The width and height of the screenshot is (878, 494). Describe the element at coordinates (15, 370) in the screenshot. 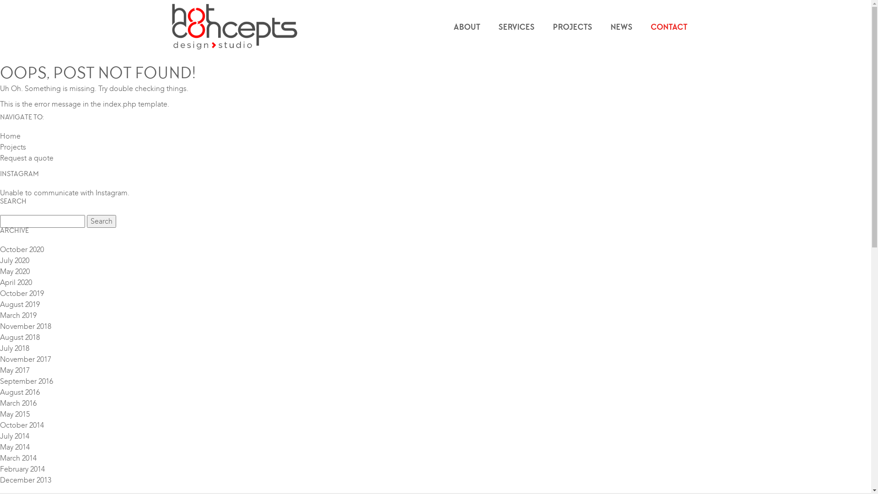

I see `'May 2017'` at that location.